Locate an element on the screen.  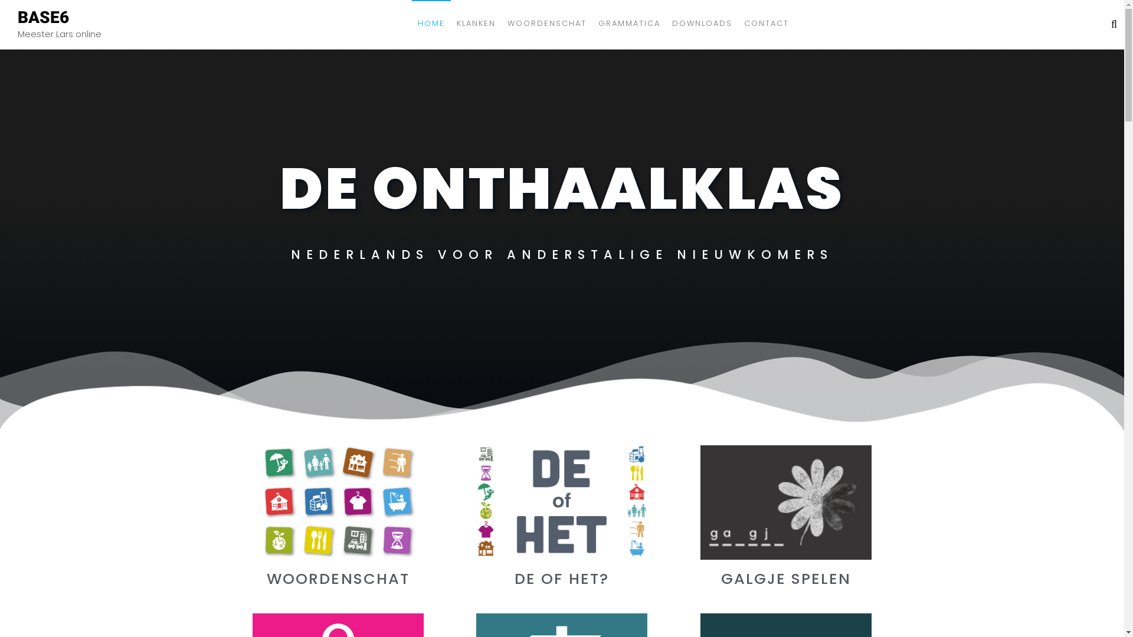
'GRAMMATICA' is located at coordinates (628, 23).